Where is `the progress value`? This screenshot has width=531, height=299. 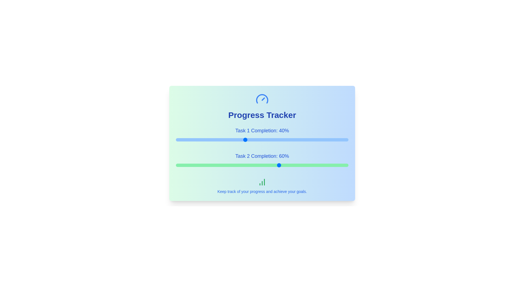 the progress value is located at coordinates (231, 140).